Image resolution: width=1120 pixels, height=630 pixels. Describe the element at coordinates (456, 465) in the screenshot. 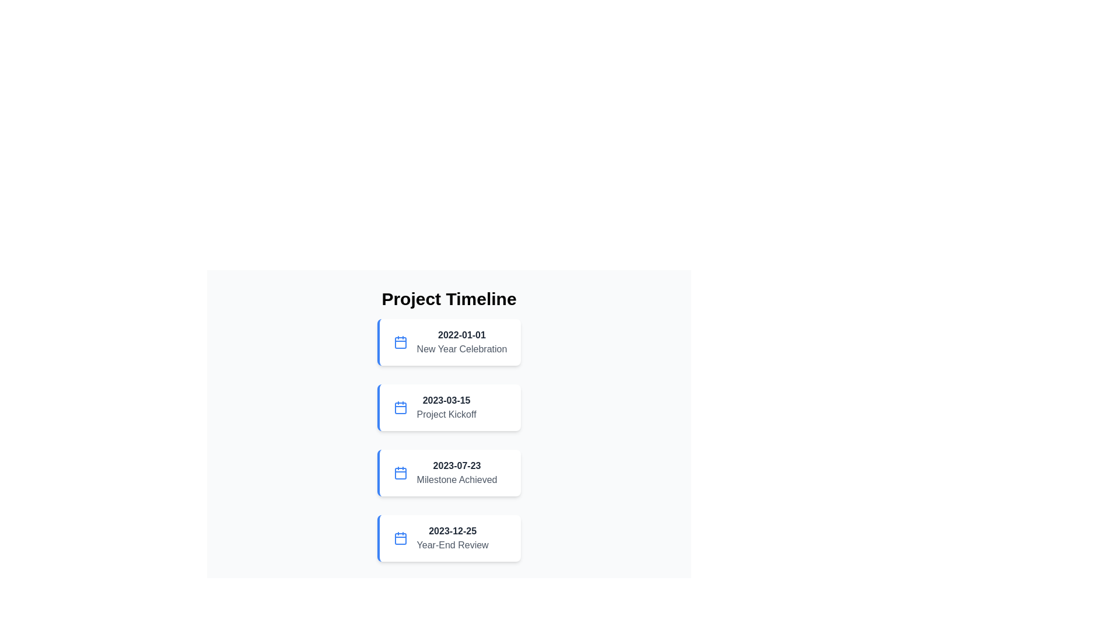

I see `date information displayed in the Text Label showing '2023-07-23', which is located in the middle of the timeline entry box above 'Milestone Achieved'` at that location.